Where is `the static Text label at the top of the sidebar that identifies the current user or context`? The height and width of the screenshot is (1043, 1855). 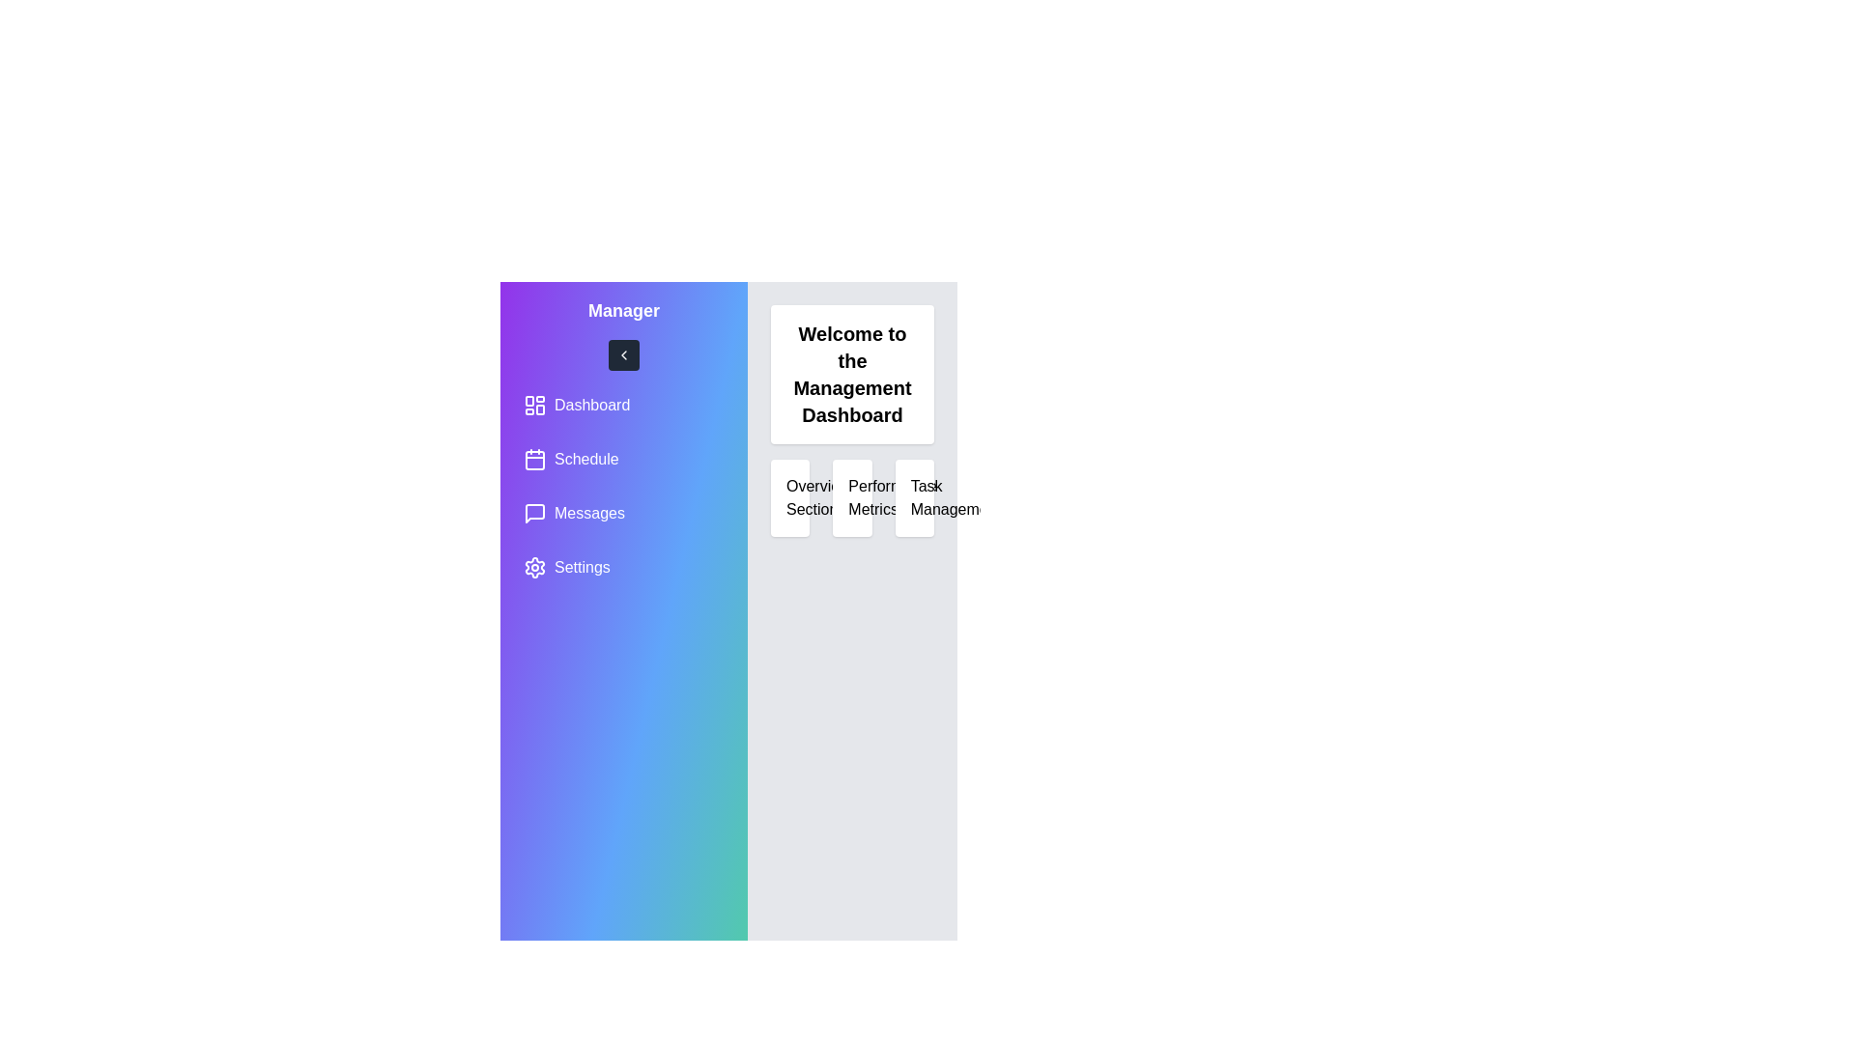
the static Text label at the top of the sidebar that identifies the current user or context is located at coordinates (624, 309).